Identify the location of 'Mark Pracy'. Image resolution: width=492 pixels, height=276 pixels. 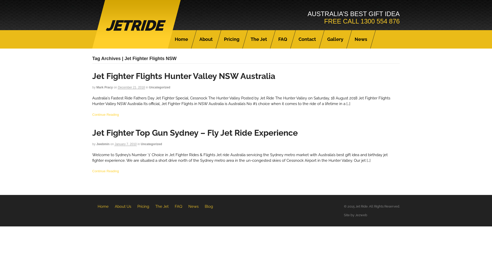
(104, 87).